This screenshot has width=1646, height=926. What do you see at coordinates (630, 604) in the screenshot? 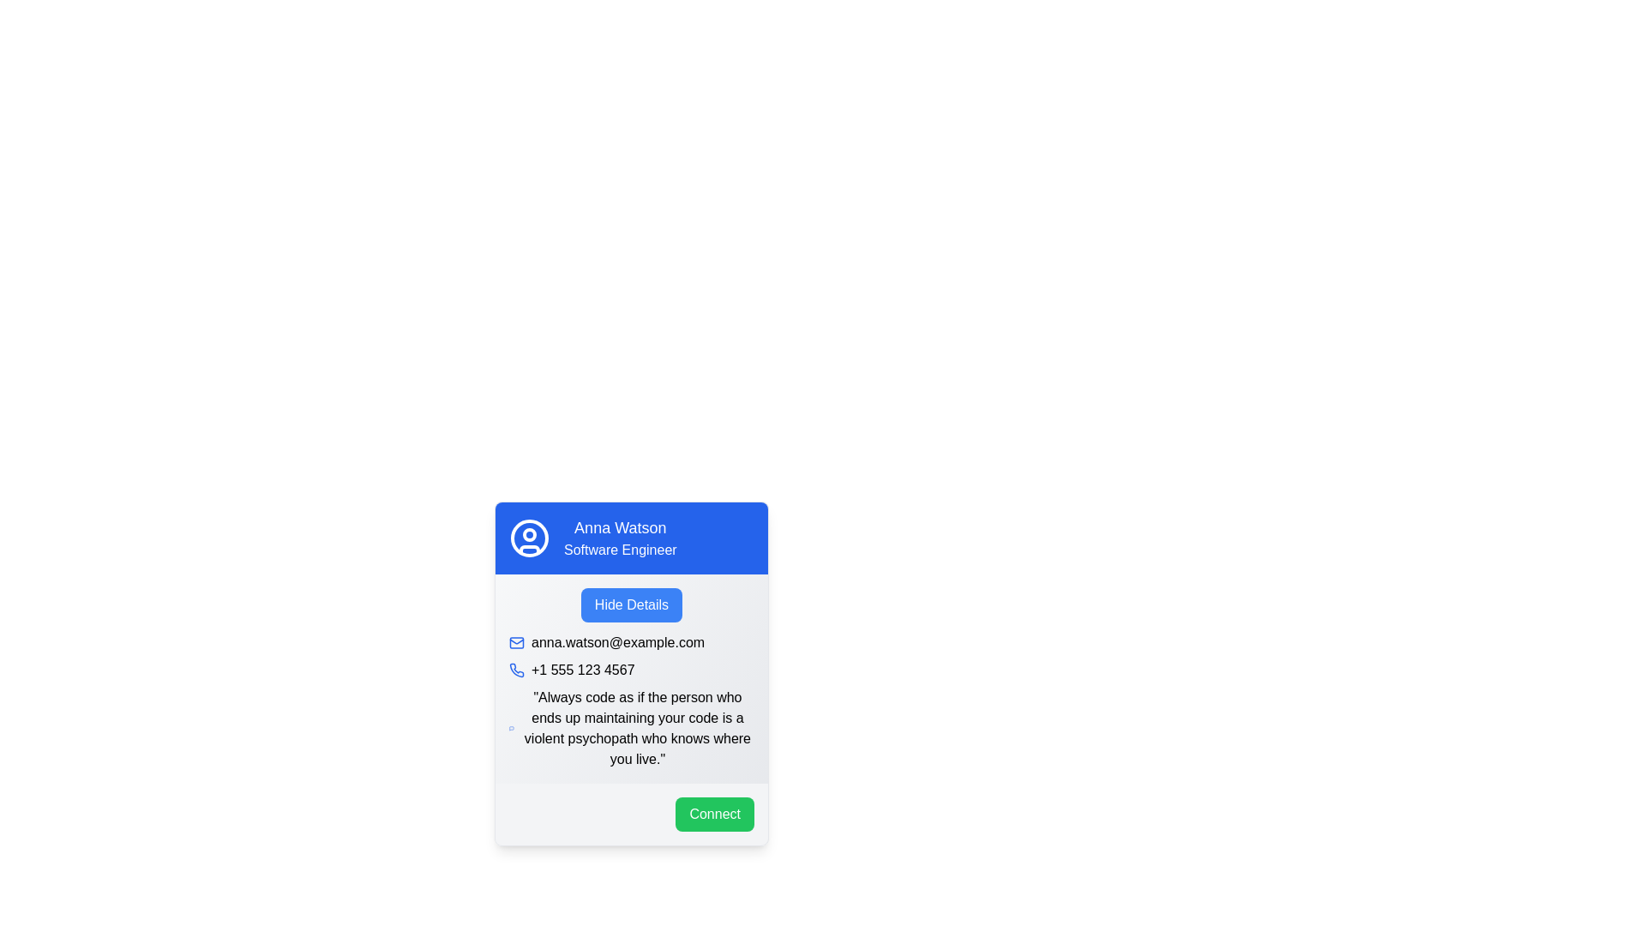
I see `the toggle button located below the profile header in the user profile card` at bounding box center [630, 604].